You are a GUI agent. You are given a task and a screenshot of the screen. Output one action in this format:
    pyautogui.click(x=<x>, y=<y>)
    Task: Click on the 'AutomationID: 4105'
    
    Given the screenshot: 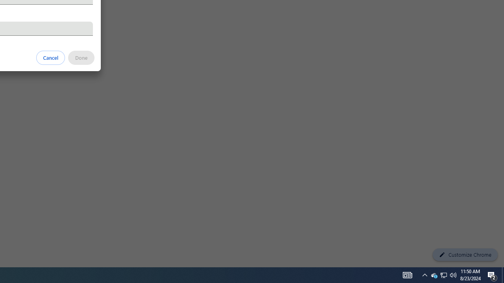 What is the action you would take?
    pyautogui.click(x=407, y=274)
    